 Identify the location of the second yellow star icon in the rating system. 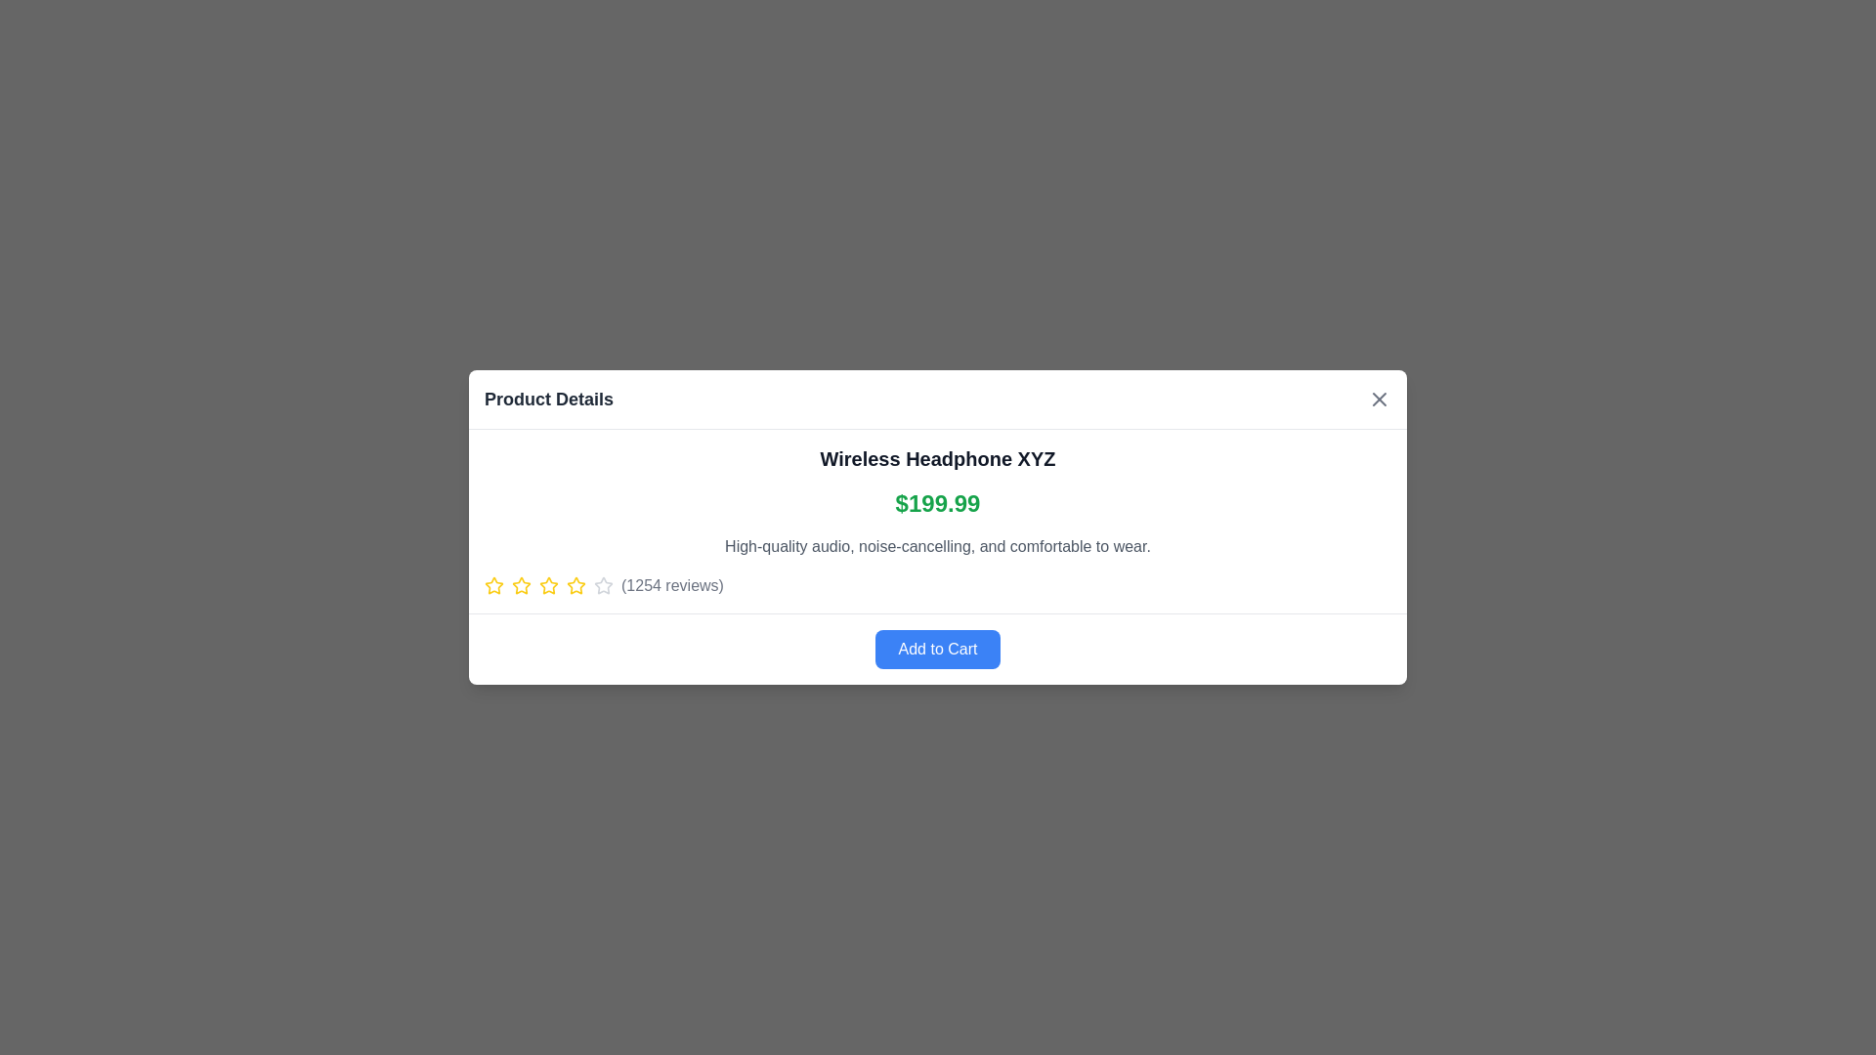
(547, 584).